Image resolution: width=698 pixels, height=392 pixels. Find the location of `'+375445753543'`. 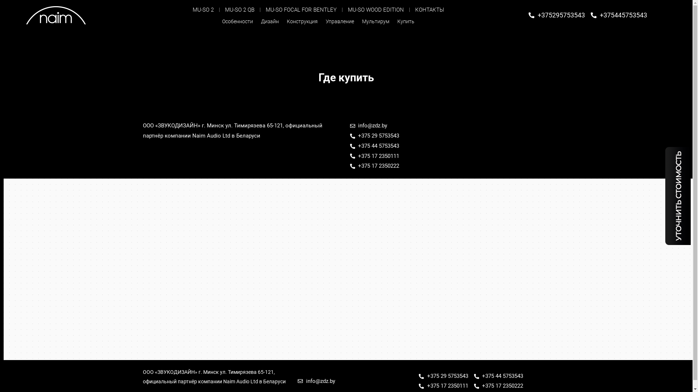

'+375445753543' is located at coordinates (618, 15).